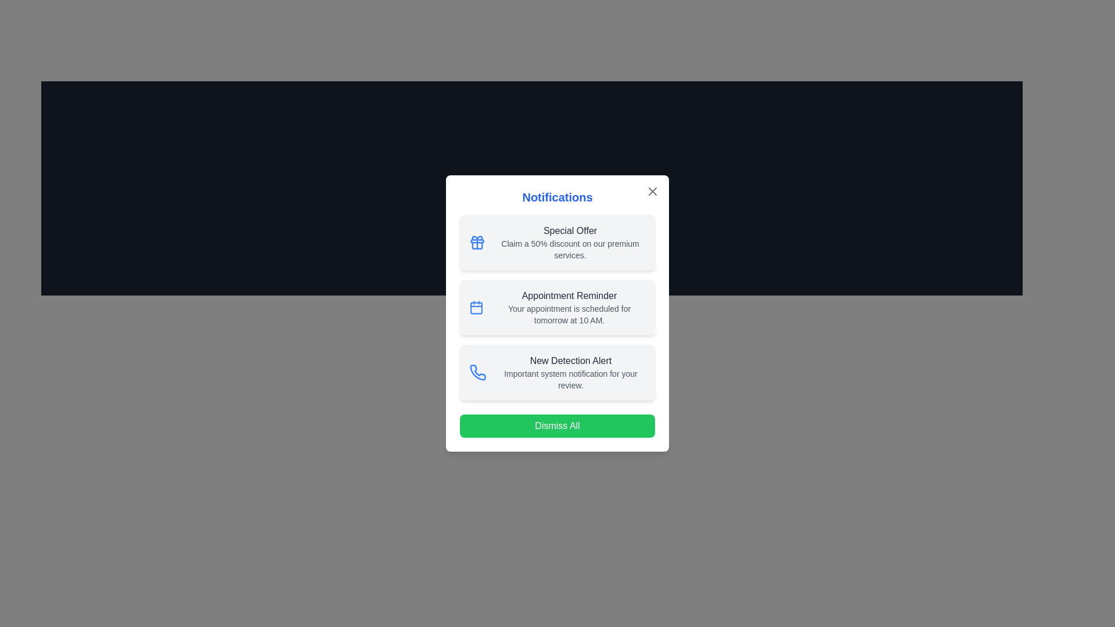 This screenshot has height=627, width=1115. I want to click on the 'Dismiss All' button, which is a rectangular button with rounded corners and a green background located at the bottom of the 'Notifications' modal dialog box, so click(557, 426).